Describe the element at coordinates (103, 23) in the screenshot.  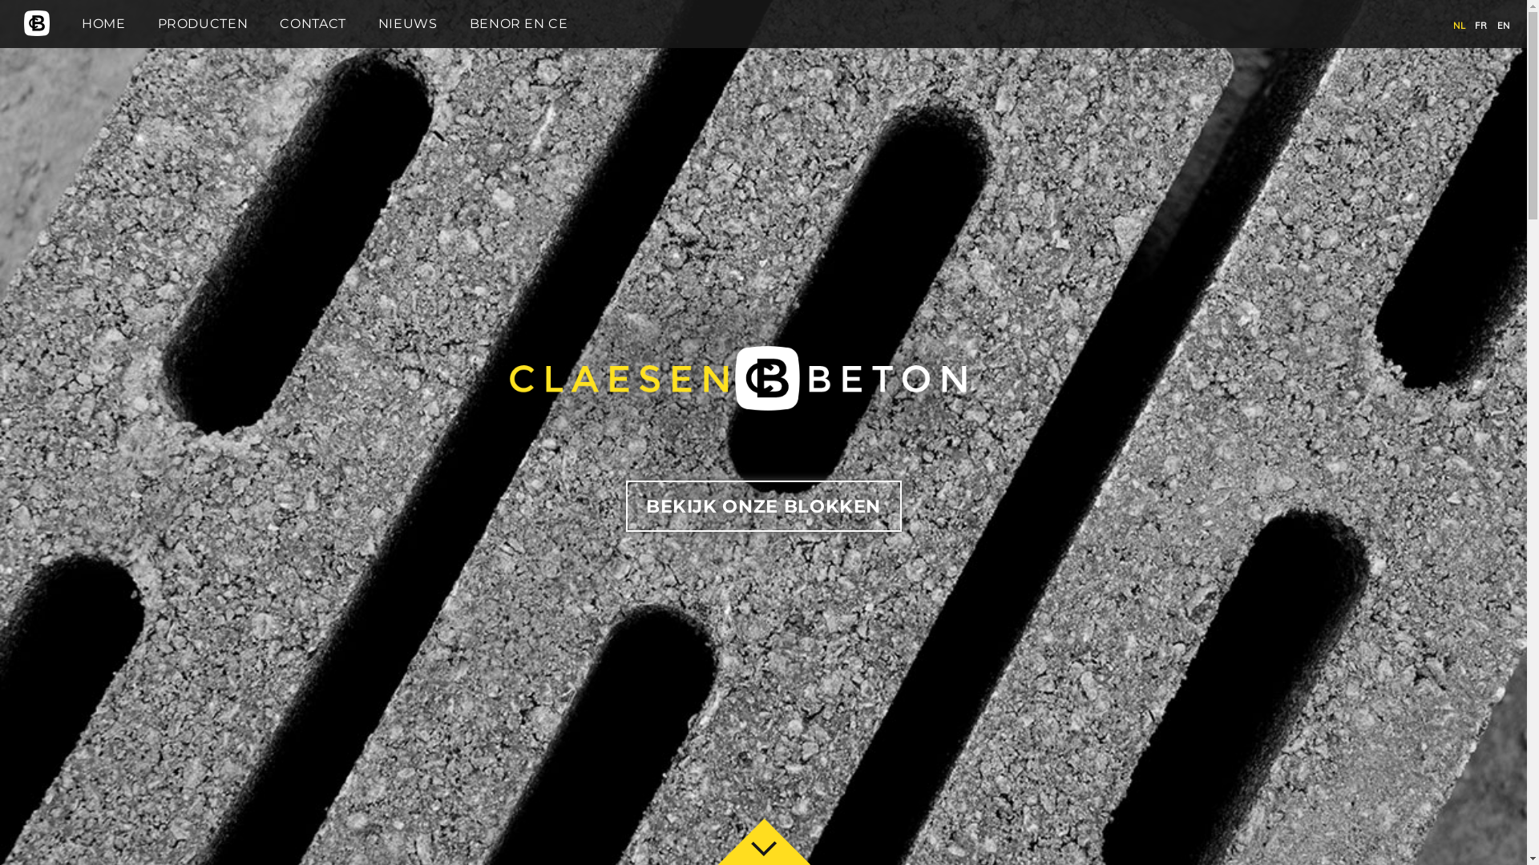
I see `'HOME'` at that location.